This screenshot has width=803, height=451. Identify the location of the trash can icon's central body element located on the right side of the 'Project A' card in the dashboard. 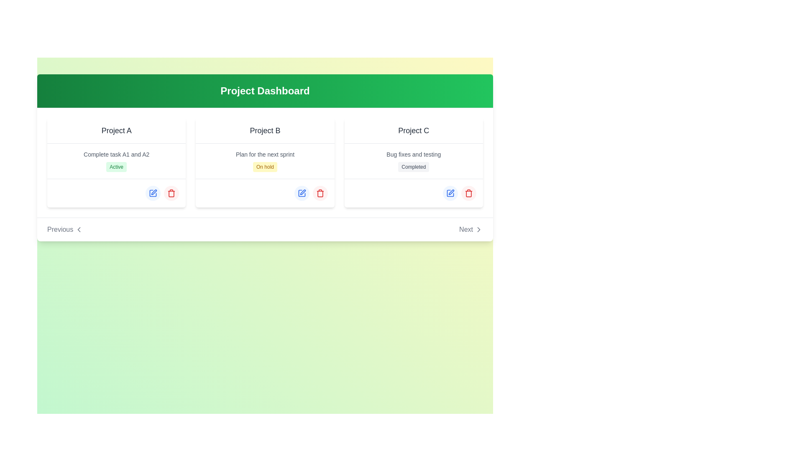
(171, 194).